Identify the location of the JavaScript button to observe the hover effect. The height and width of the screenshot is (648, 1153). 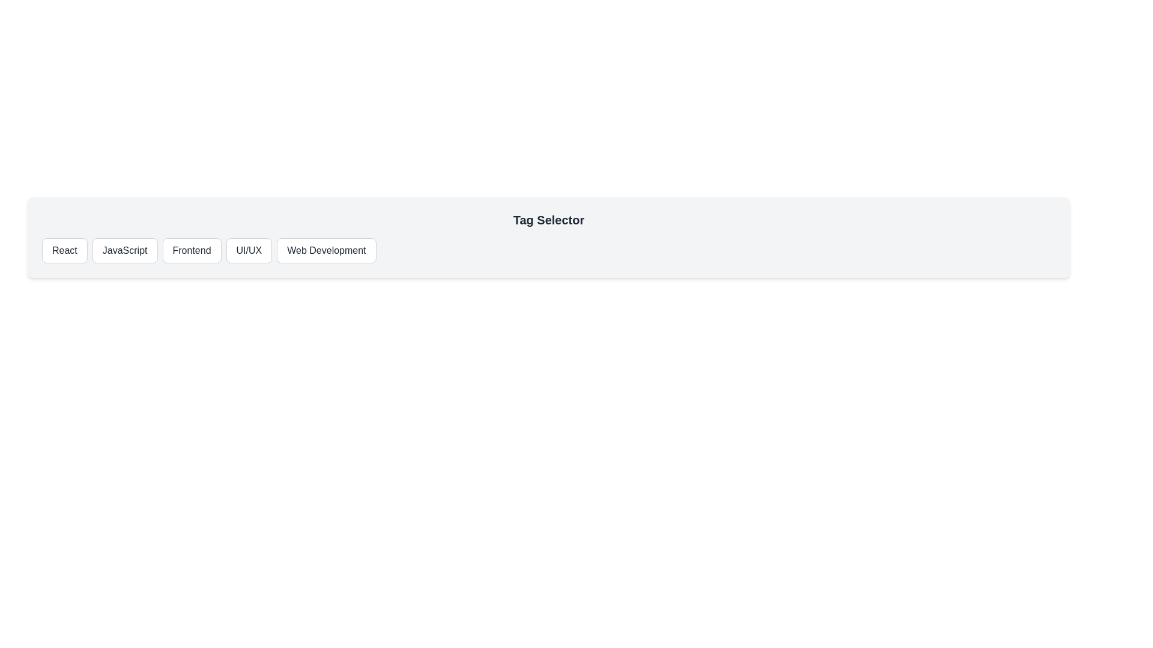
(125, 250).